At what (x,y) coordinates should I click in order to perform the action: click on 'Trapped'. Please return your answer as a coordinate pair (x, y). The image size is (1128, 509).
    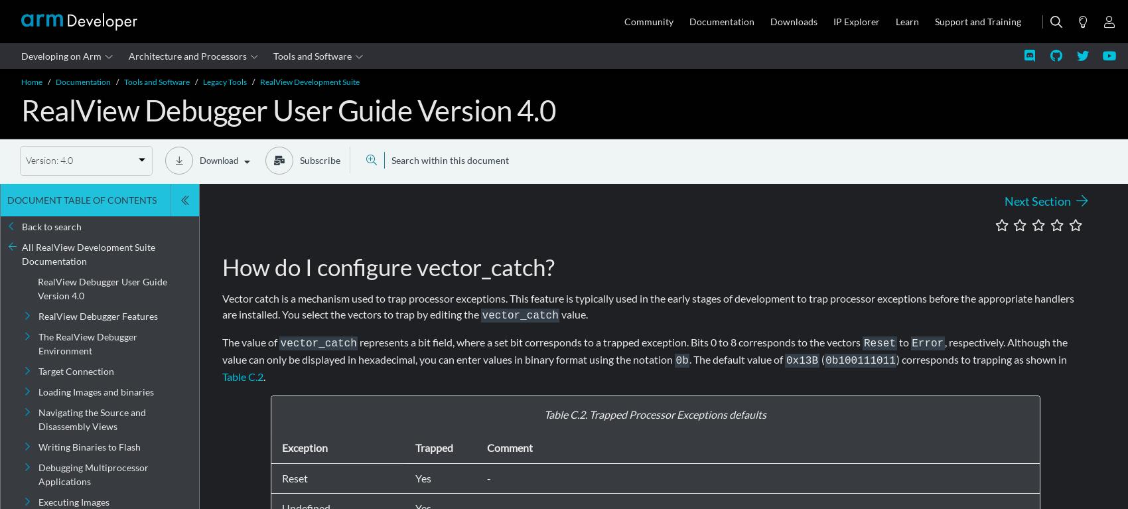
    Looking at the image, I should click on (434, 447).